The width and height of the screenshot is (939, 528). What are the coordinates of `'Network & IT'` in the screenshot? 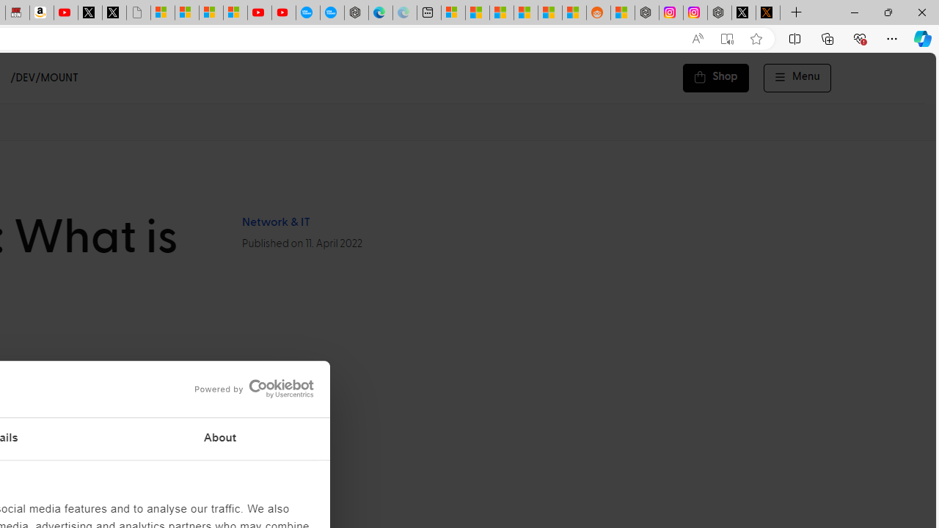 It's located at (275, 222).